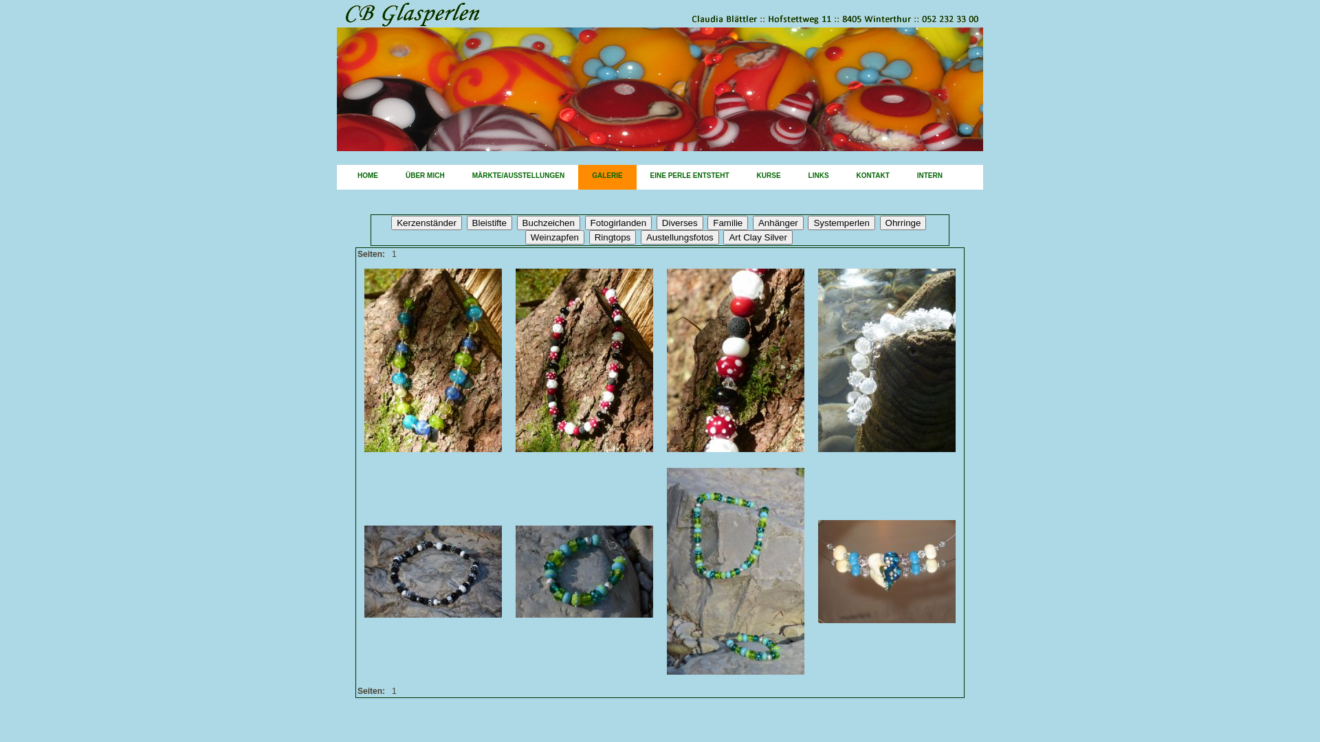 The height and width of the screenshot is (742, 1320). Describe the element at coordinates (584, 222) in the screenshot. I see `'Fotogirlanden'` at that location.